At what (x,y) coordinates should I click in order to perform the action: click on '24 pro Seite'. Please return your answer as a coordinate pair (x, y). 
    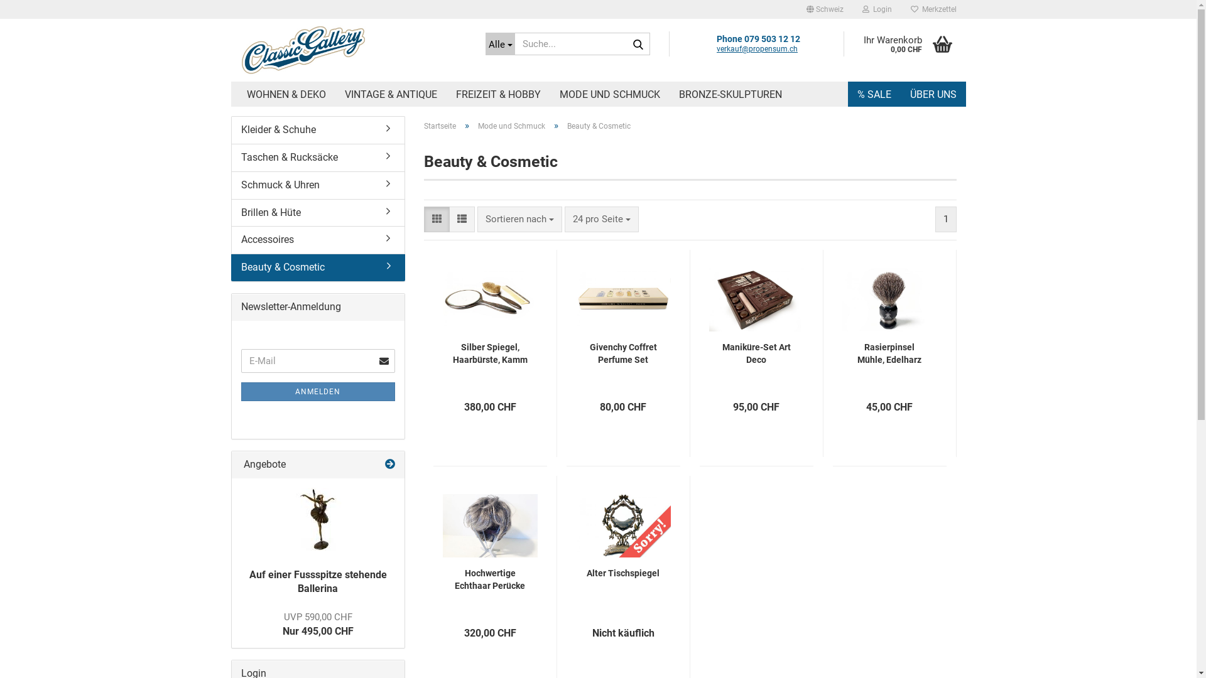
    Looking at the image, I should click on (601, 218).